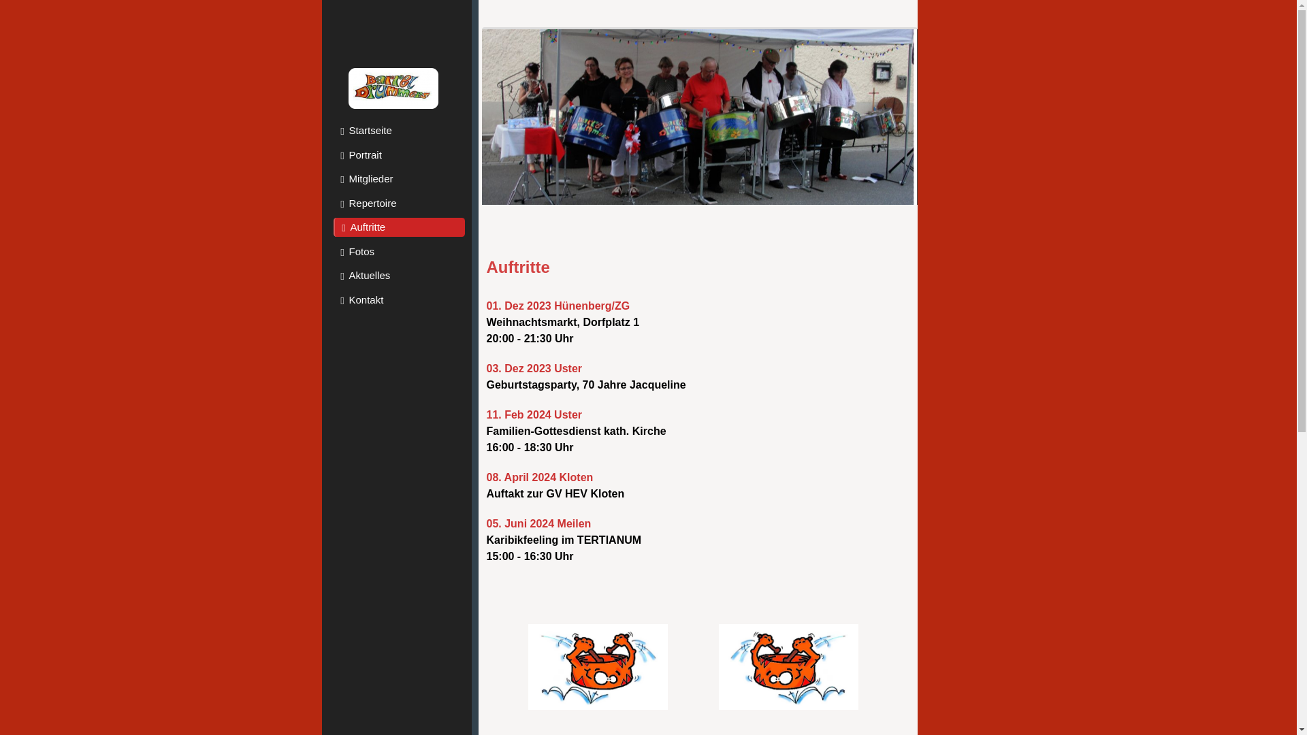 The image size is (1307, 735). Describe the element at coordinates (398, 227) in the screenshot. I see `'Auftritte'` at that location.